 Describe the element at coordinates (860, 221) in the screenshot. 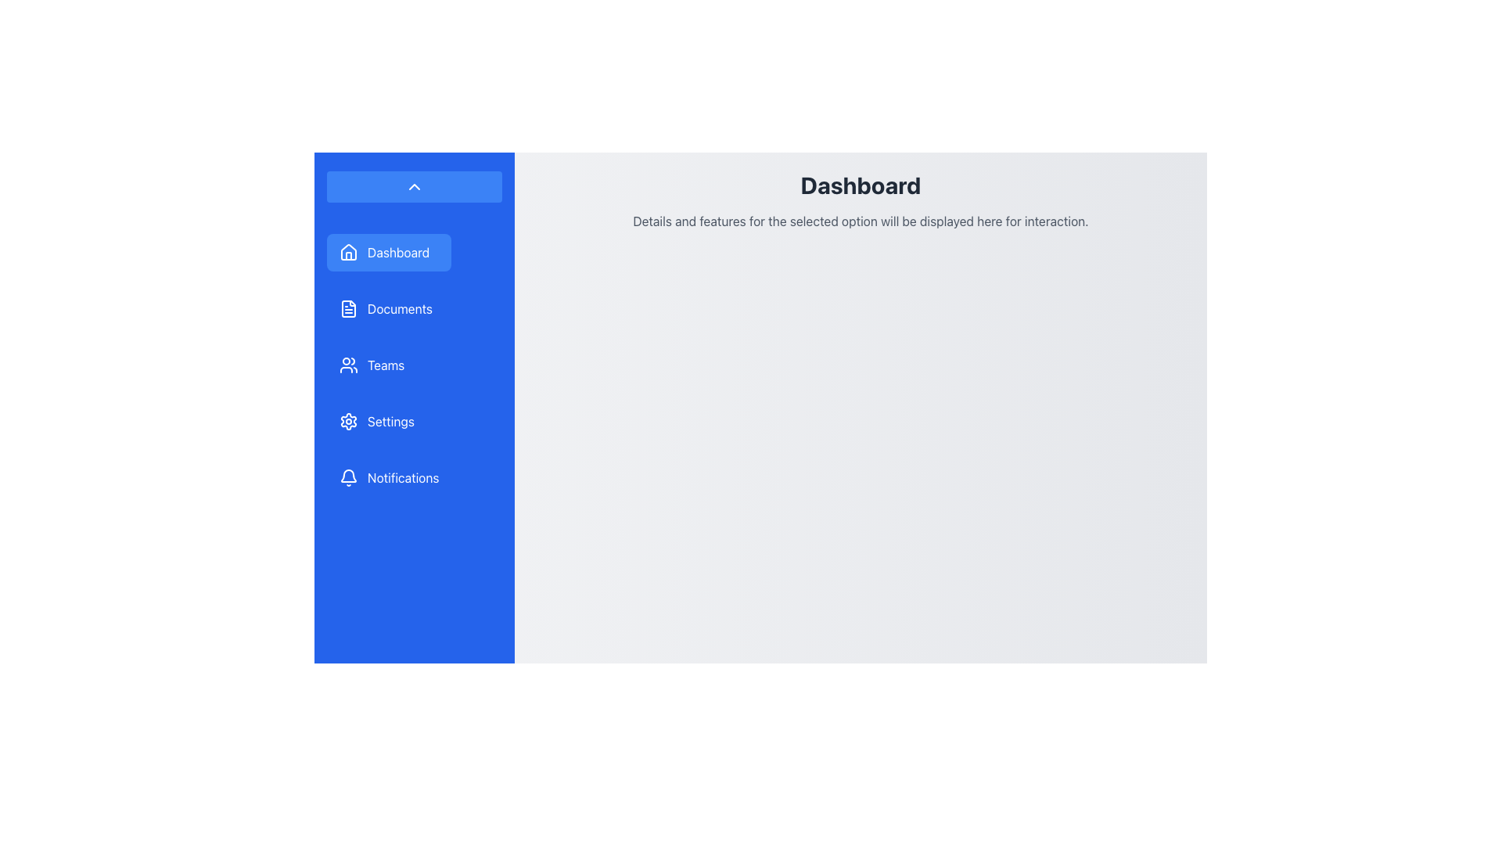

I see `the Static Text Block located below the 'Dashboard' header, which provides informational content for users` at that location.